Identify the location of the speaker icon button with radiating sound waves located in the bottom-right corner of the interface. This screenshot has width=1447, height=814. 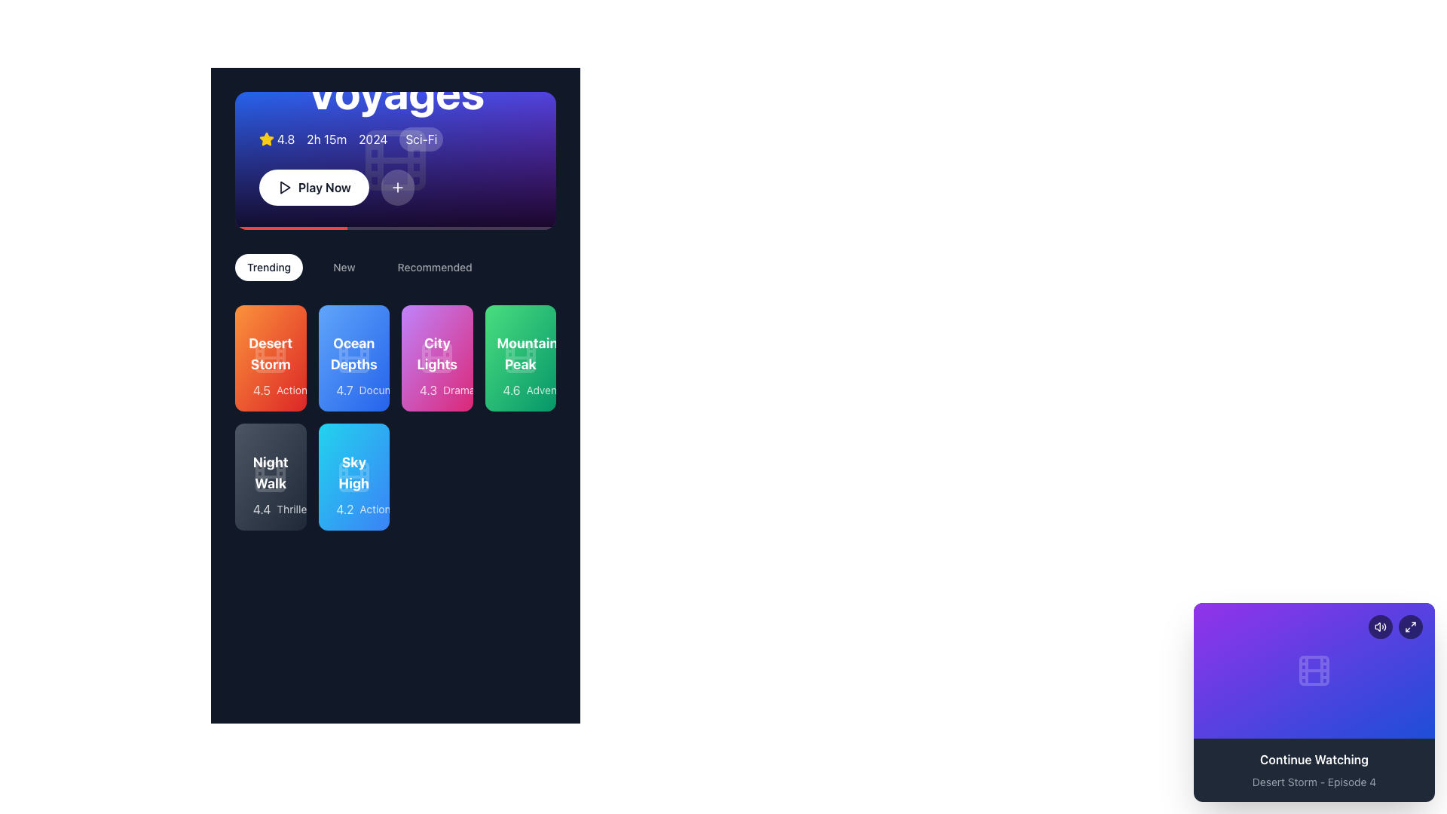
(1381, 627).